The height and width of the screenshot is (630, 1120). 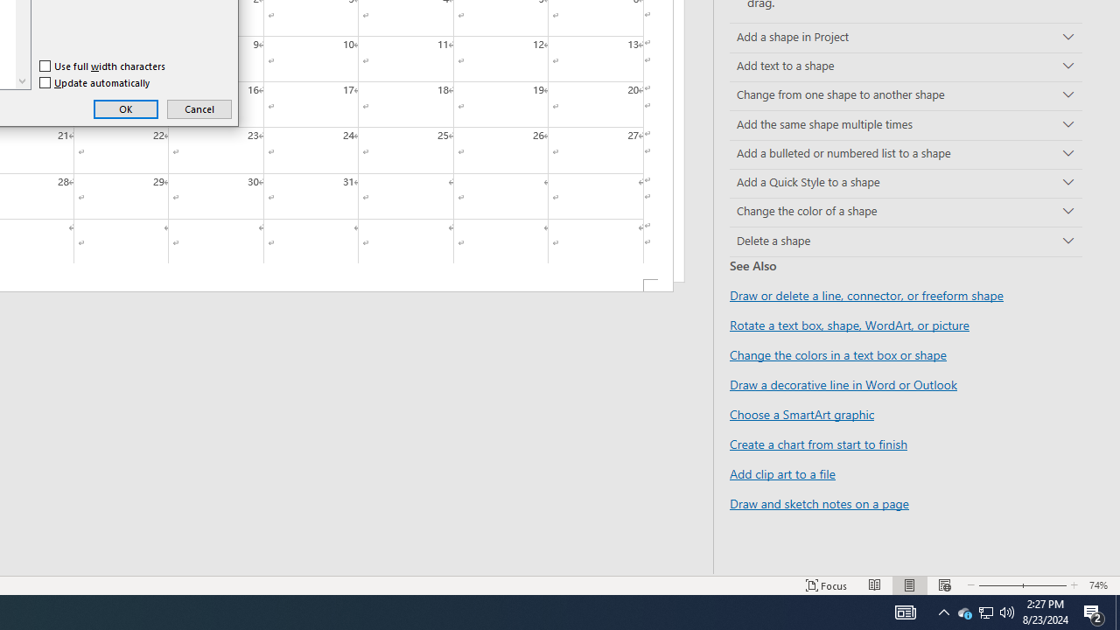 I want to click on 'Add text to a shape', so click(x=906, y=66).